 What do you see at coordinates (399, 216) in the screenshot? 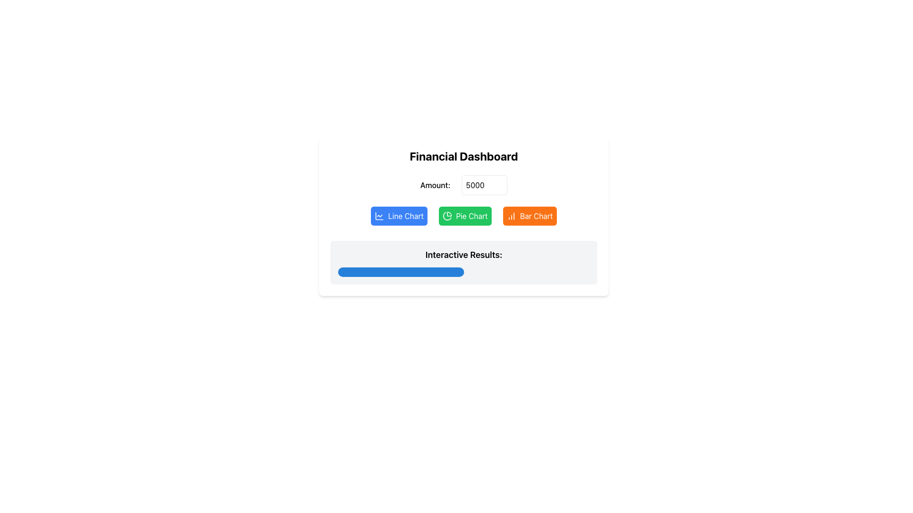
I see `the 'Line Chart' button, which is the first button in a row below a financial amount label, to observe any visual feedback` at bounding box center [399, 216].